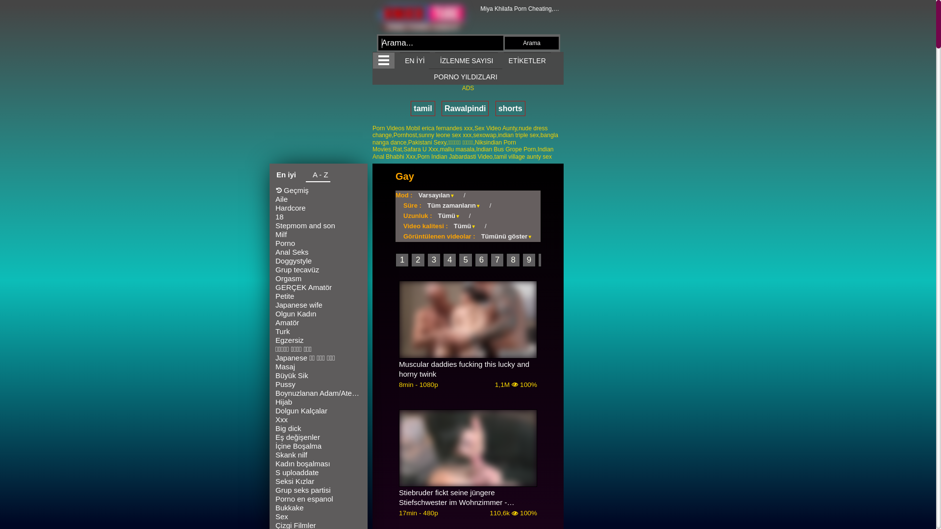 This screenshot has height=529, width=941. I want to click on 'tamil', so click(411, 108).